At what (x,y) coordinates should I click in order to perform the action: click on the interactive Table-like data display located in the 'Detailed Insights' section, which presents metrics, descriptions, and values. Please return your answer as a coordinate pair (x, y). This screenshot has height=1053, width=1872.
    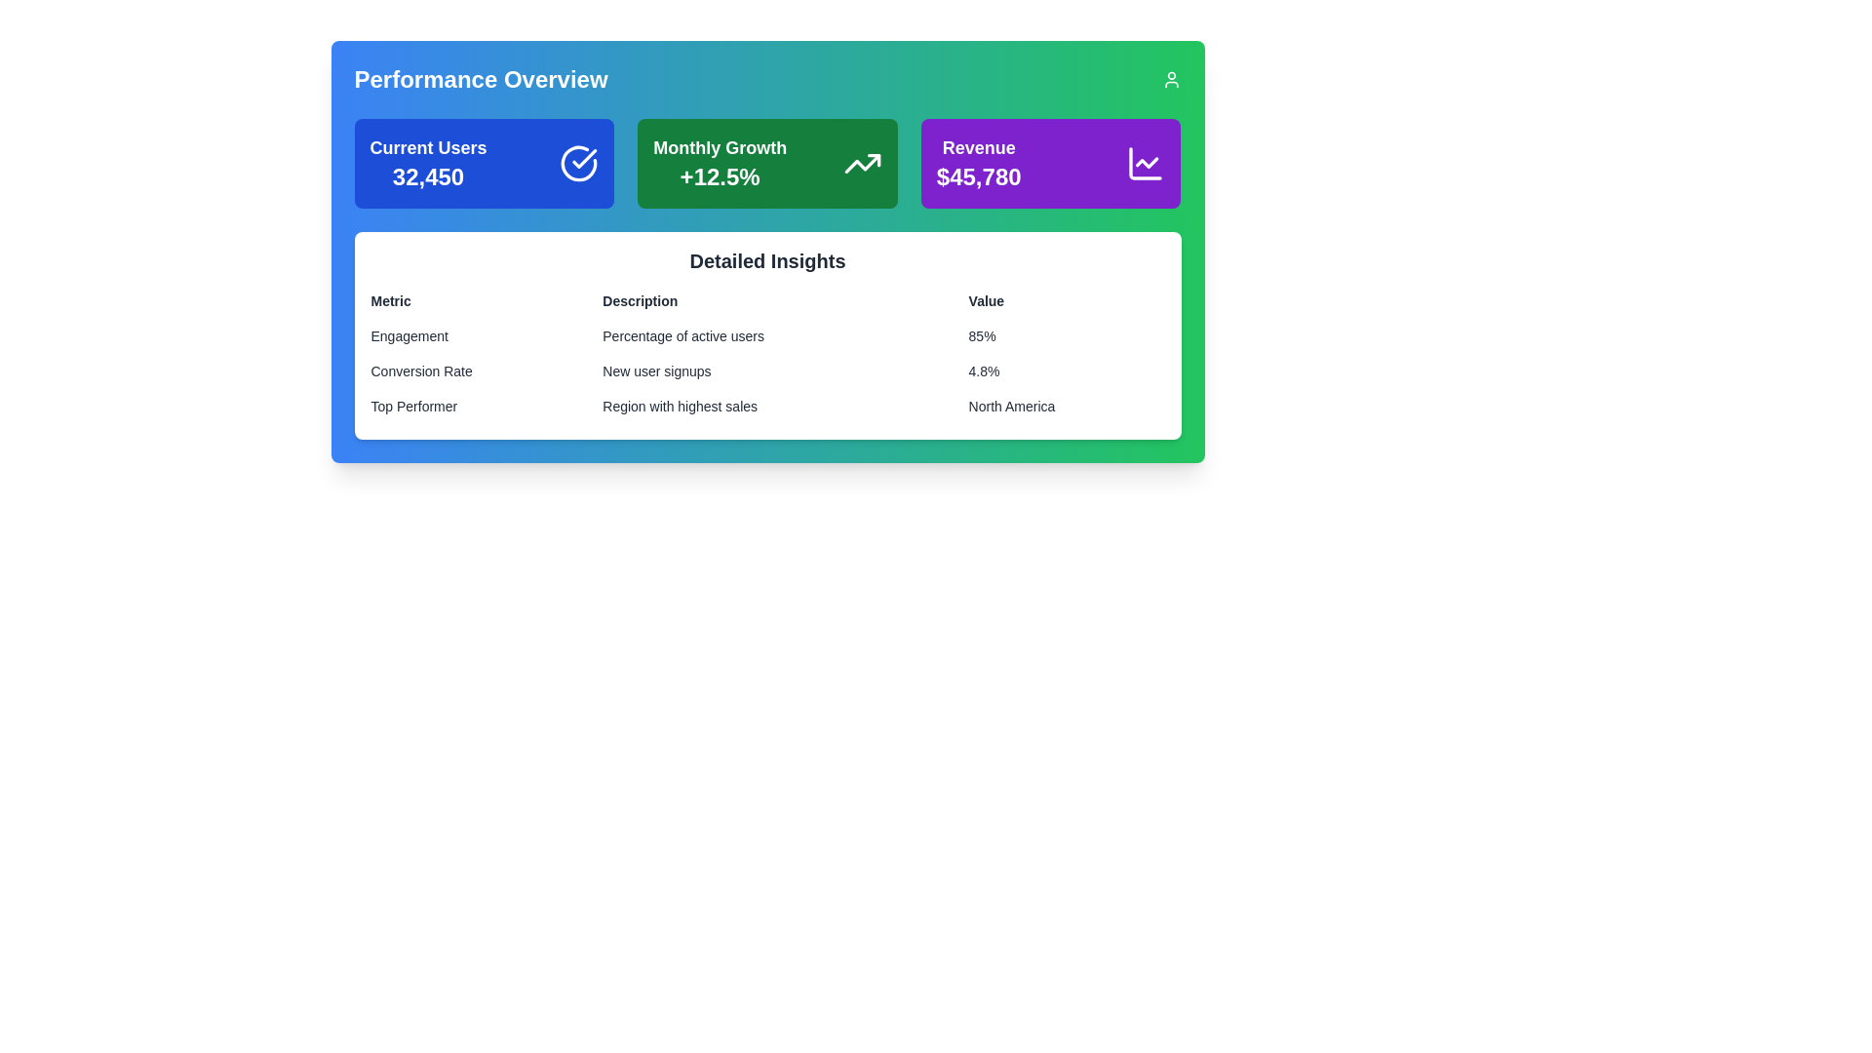
    Looking at the image, I should click on (766, 357).